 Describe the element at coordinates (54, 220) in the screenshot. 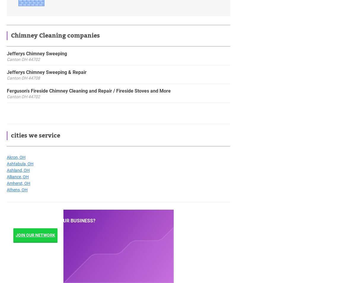

I see `'Looking to grow your business?'` at that location.